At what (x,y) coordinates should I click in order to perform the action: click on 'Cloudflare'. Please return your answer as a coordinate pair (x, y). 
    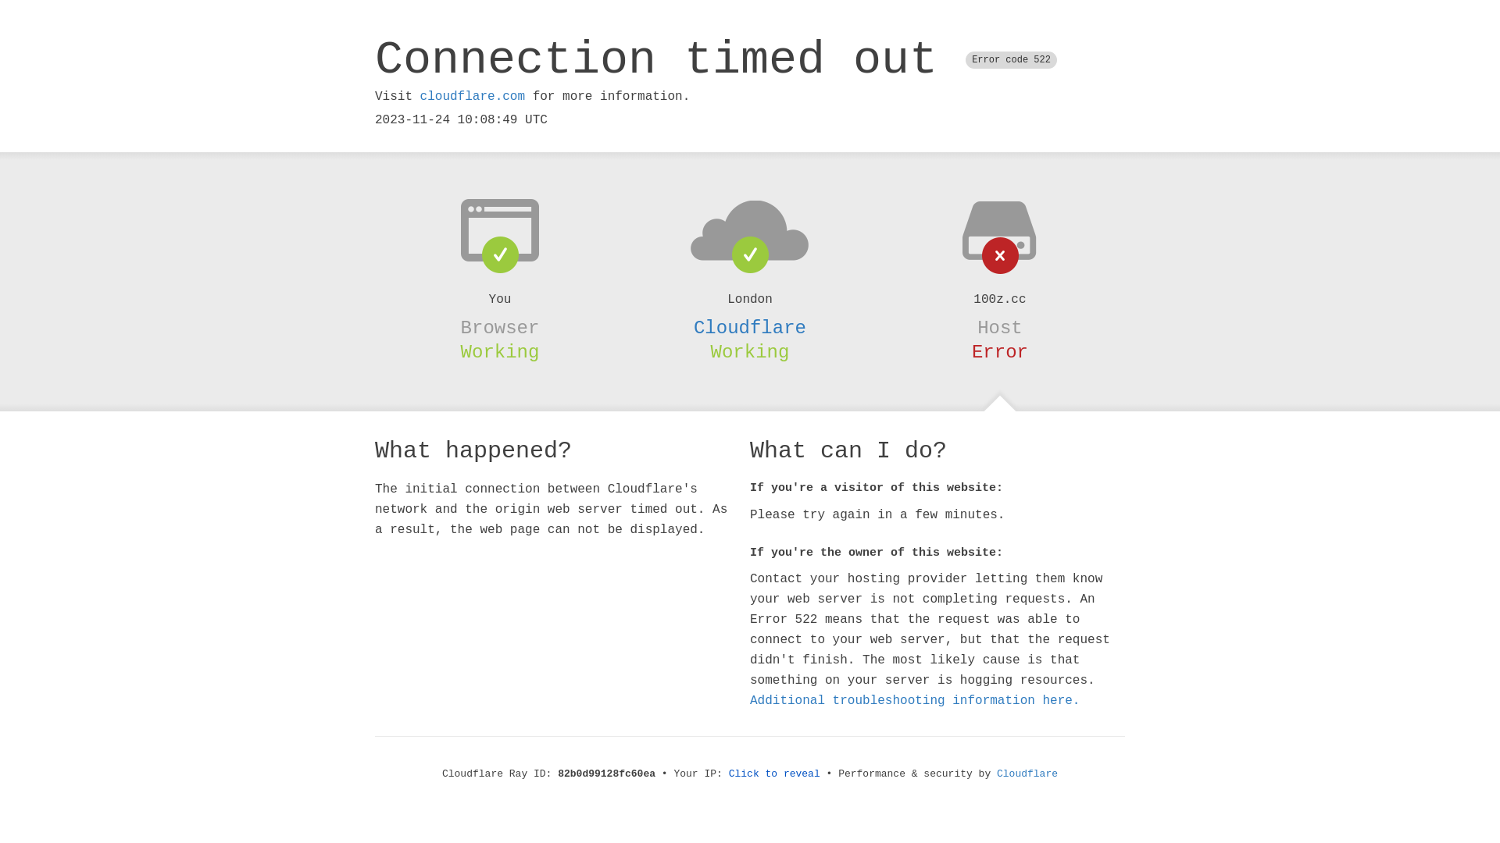
    Looking at the image, I should click on (750, 327).